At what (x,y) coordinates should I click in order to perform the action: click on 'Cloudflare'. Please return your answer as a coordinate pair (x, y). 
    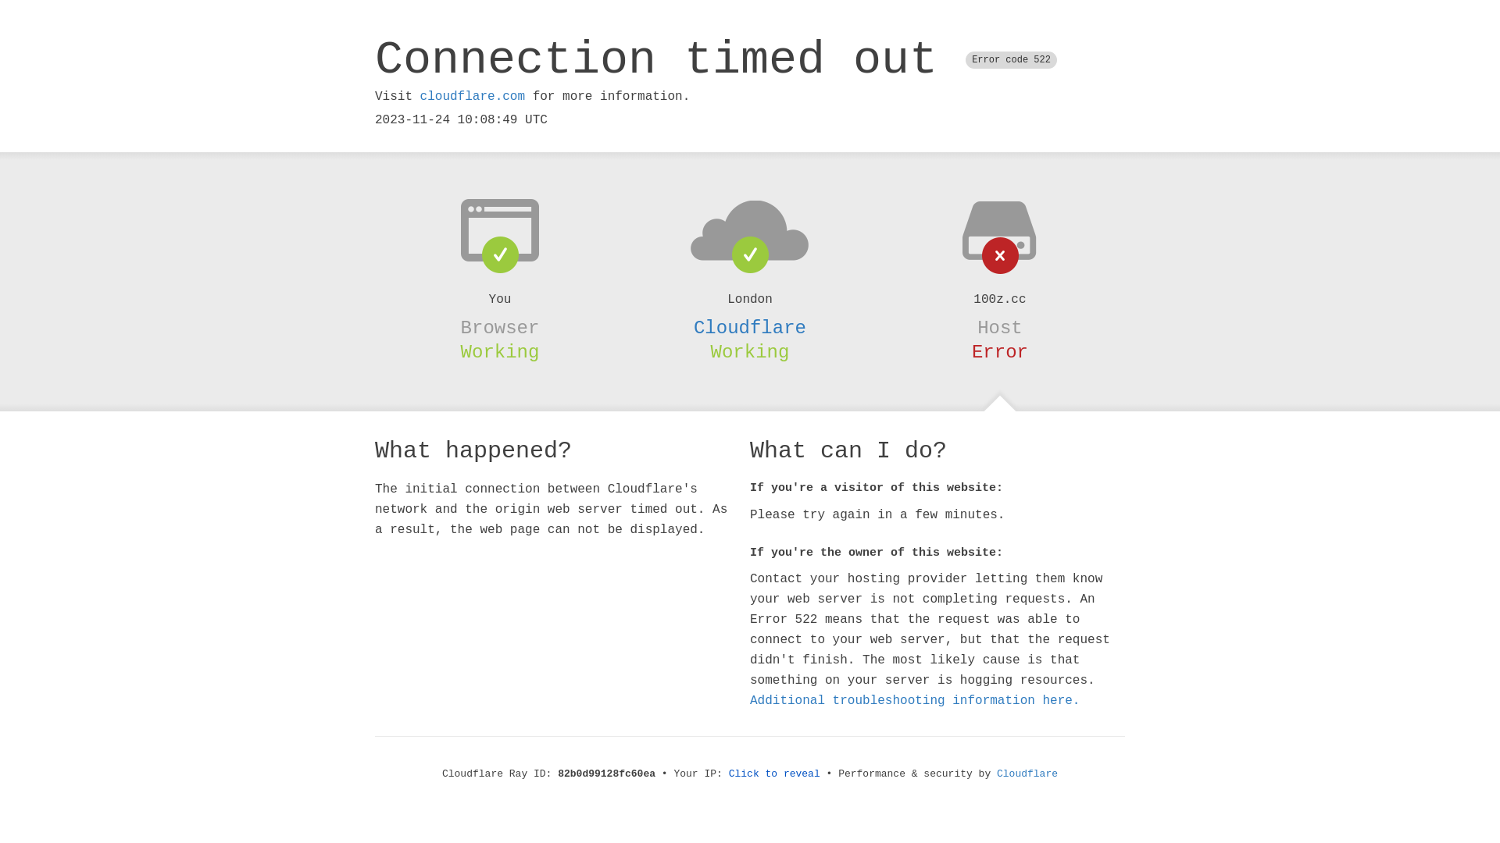
    Looking at the image, I should click on (750, 327).